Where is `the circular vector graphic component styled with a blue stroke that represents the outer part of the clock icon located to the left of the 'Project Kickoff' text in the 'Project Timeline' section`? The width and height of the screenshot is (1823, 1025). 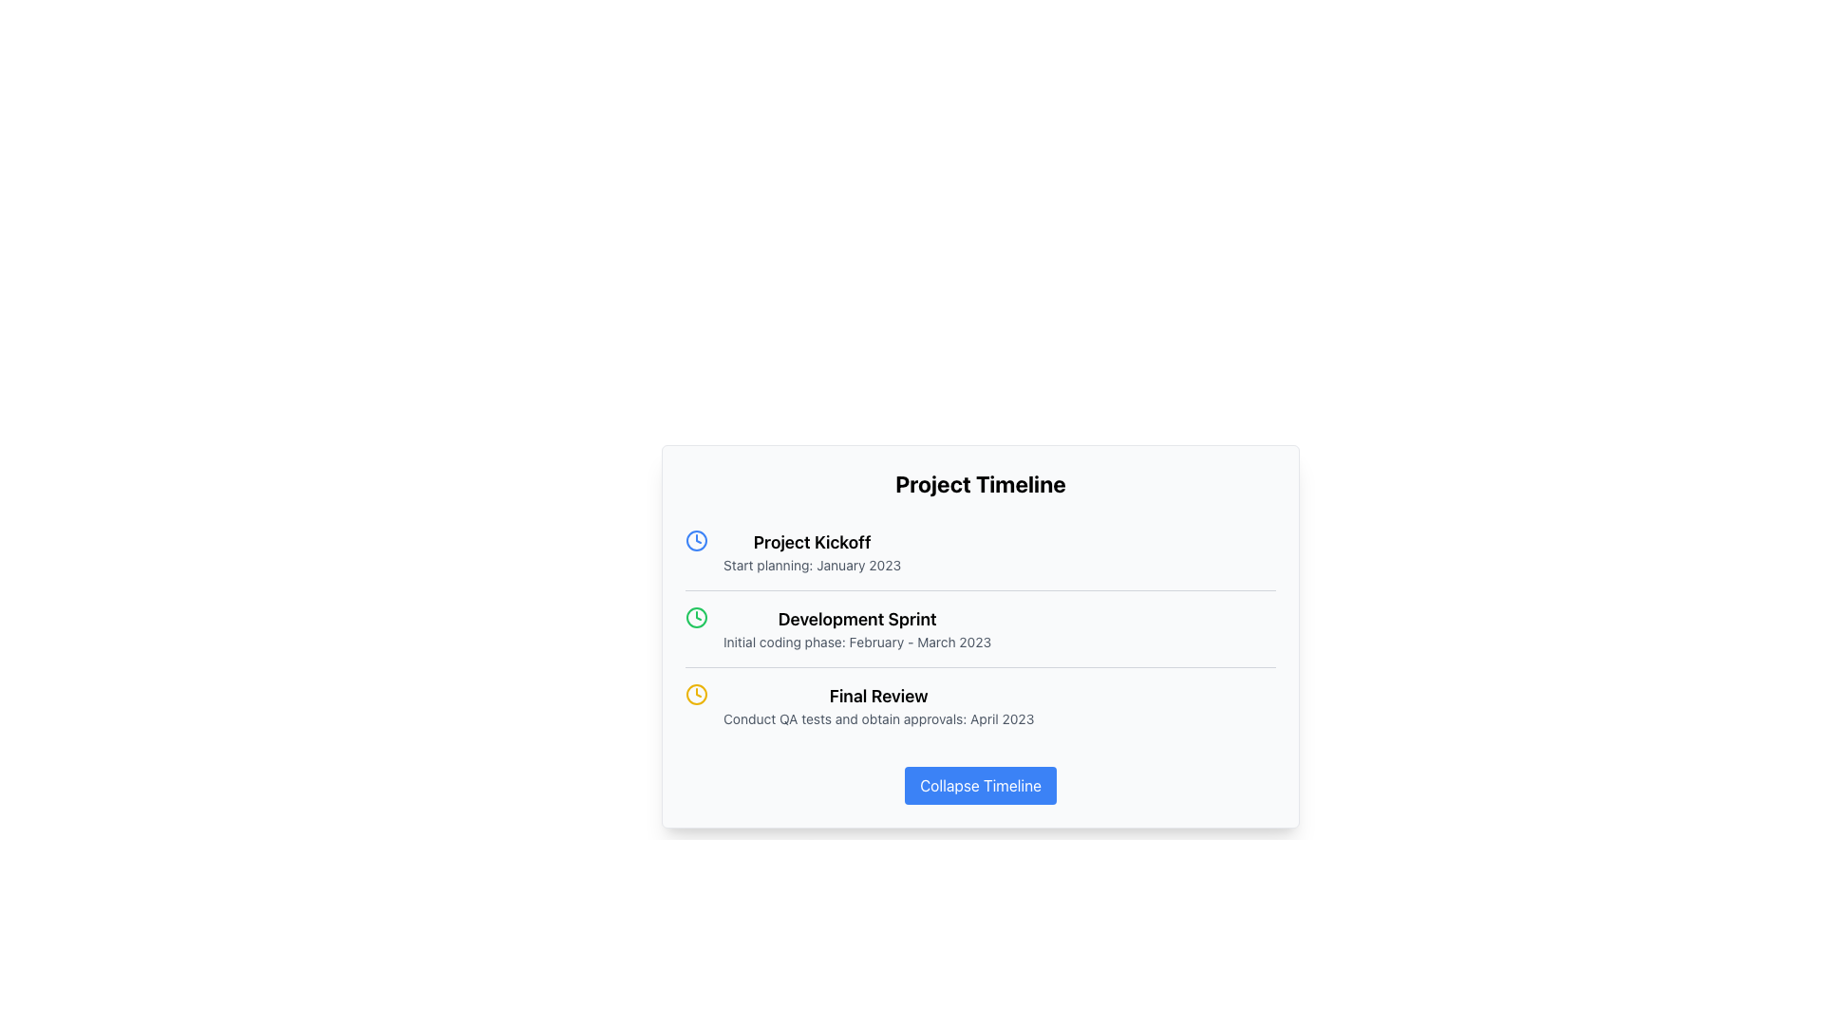 the circular vector graphic component styled with a blue stroke that represents the outer part of the clock icon located to the left of the 'Project Kickoff' text in the 'Project Timeline' section is located at coordinates (696, 541).